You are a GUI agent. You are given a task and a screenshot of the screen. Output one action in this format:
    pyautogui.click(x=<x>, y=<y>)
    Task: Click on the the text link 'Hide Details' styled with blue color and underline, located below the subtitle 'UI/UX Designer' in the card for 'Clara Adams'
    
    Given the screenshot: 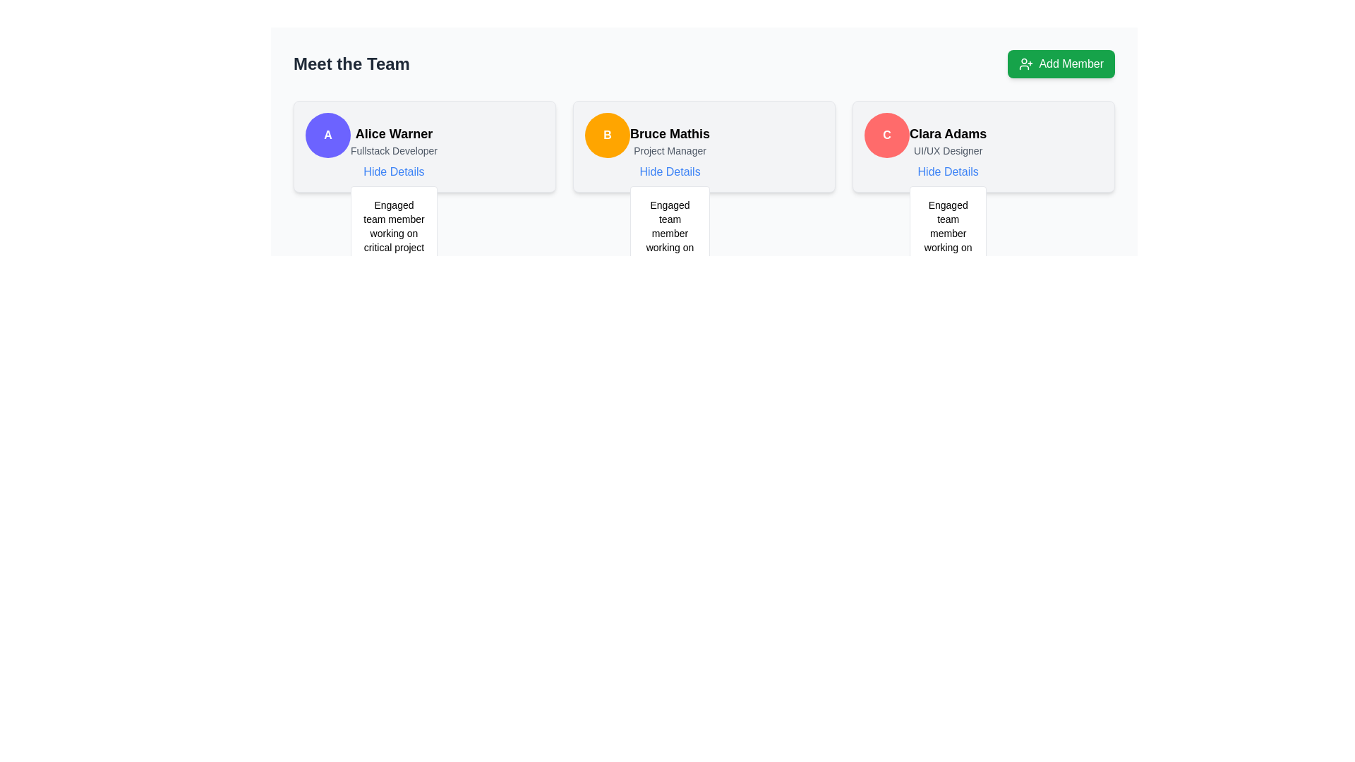 What is the action you would take?
    pyautogui.click(x=948, y=171)
    